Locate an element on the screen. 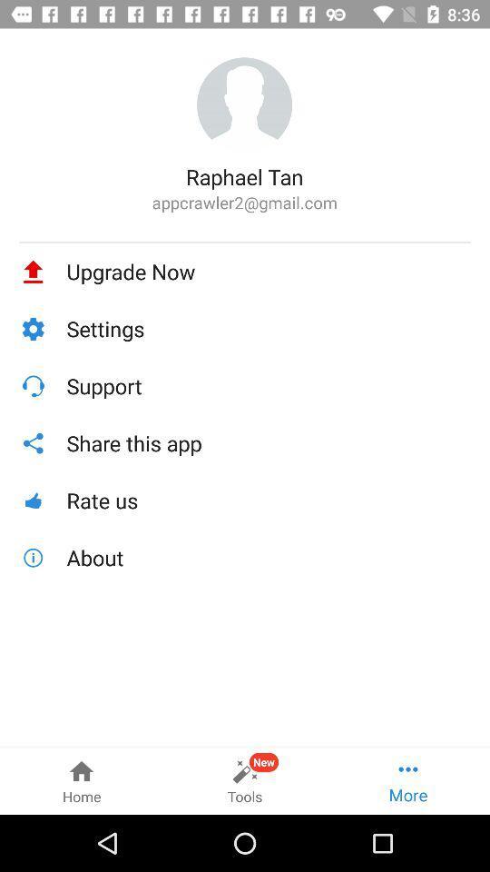 The image size is (490, 872). the rate us item is located at coordinates (268, 500).